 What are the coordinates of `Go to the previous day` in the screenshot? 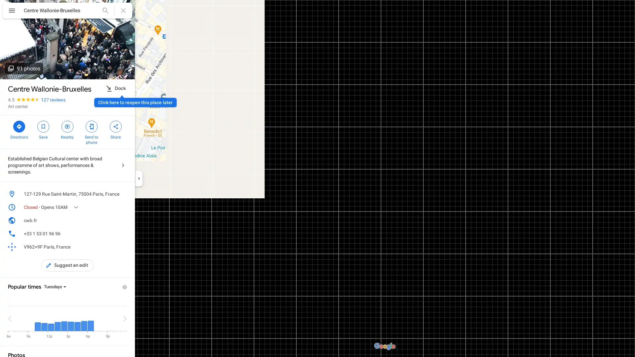 It's located at (10, 318).